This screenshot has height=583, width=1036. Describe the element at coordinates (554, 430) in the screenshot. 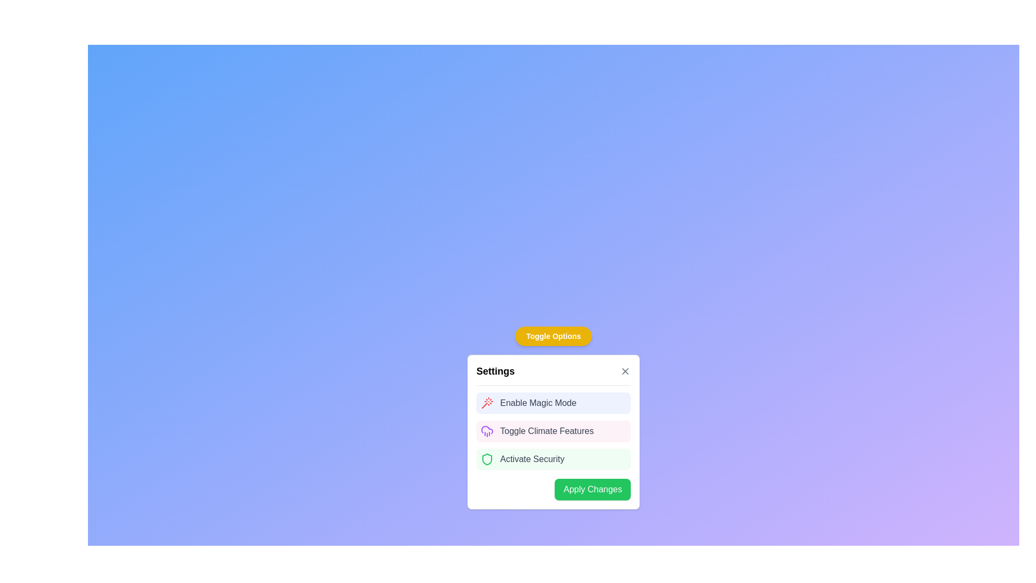

I see `the clickable list option labeled 'Toggle Climate Features' which is represented by a purple cloud and rain icon on a pink background, located` at that location.